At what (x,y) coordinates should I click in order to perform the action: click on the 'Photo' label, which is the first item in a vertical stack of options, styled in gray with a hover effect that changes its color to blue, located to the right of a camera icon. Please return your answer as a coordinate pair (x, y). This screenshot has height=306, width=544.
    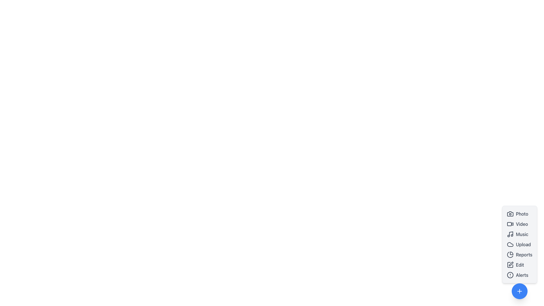
    Looking at the image, I should click on (522, 214).